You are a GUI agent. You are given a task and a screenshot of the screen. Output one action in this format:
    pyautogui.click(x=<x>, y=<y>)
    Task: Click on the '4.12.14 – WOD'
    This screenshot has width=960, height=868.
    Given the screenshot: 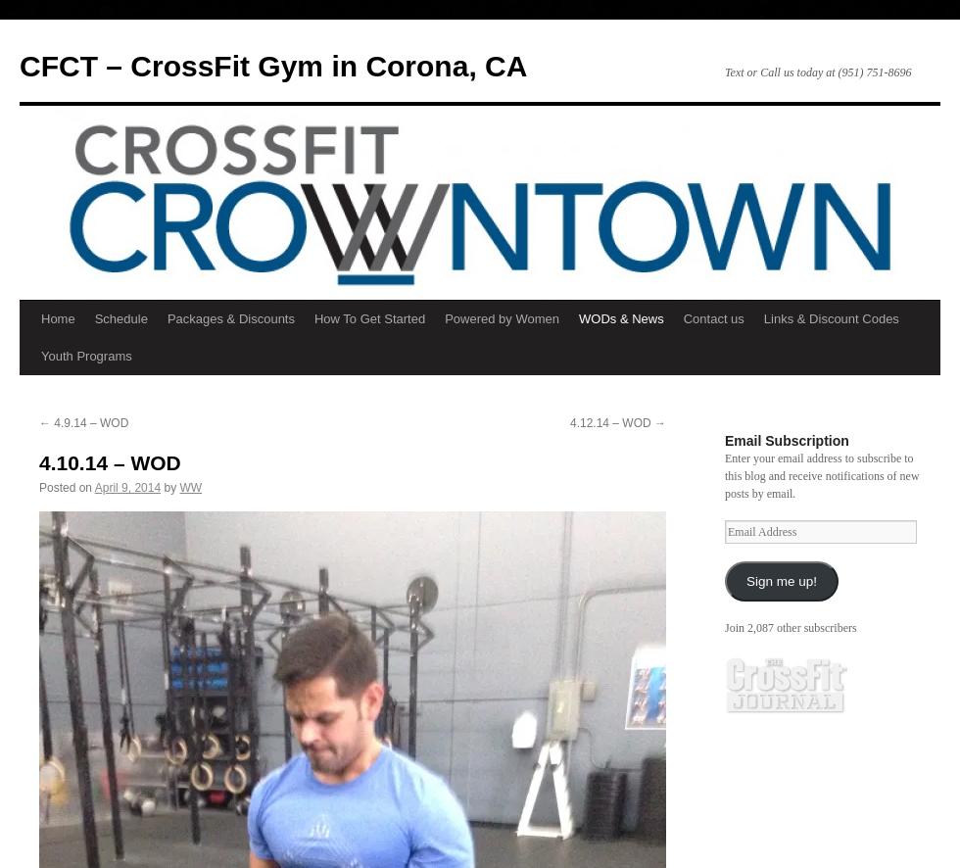 What is the action you would take?
    pyautogui.click(x=611, y=422)
    